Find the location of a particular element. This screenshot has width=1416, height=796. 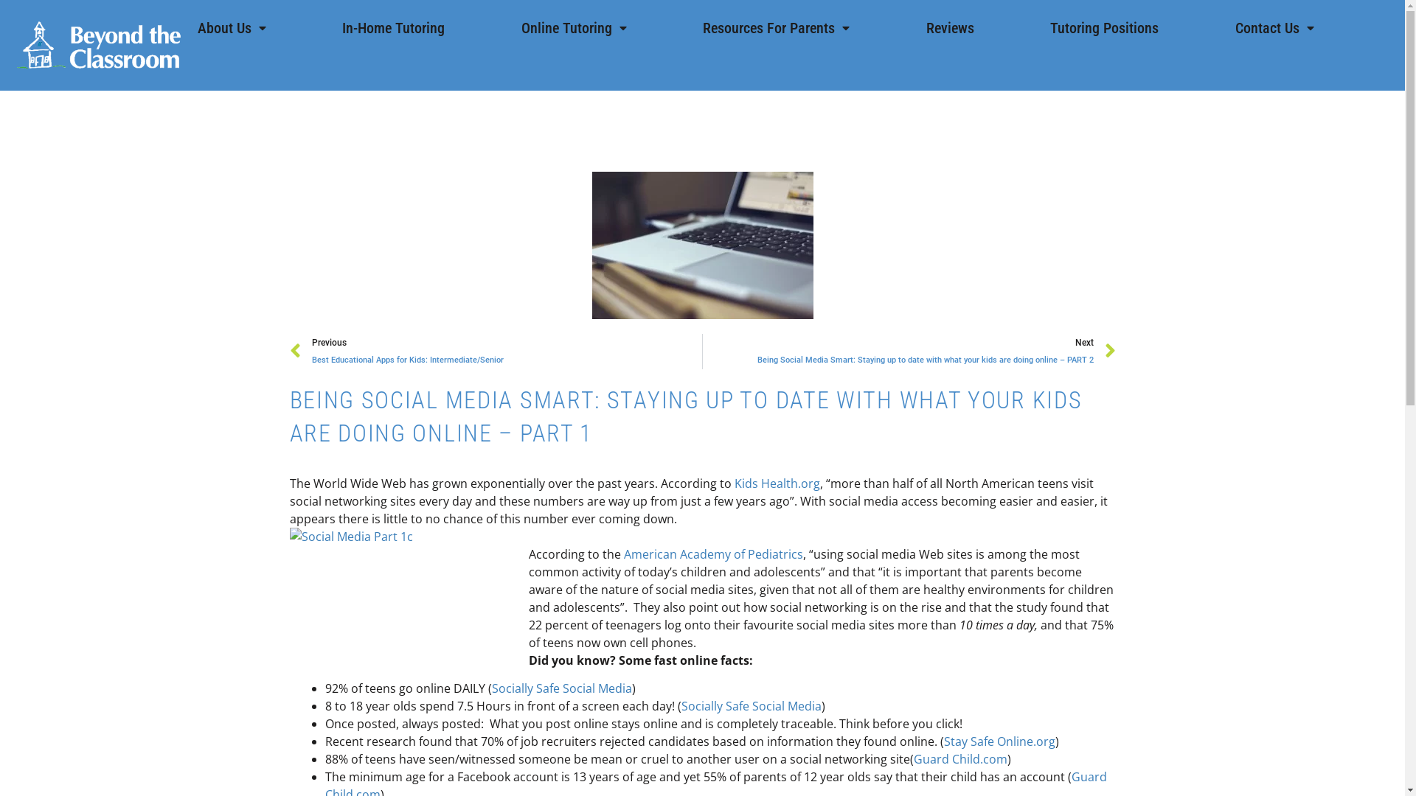

'Stay Safe Online.org' is located at coordinates (999, 741).